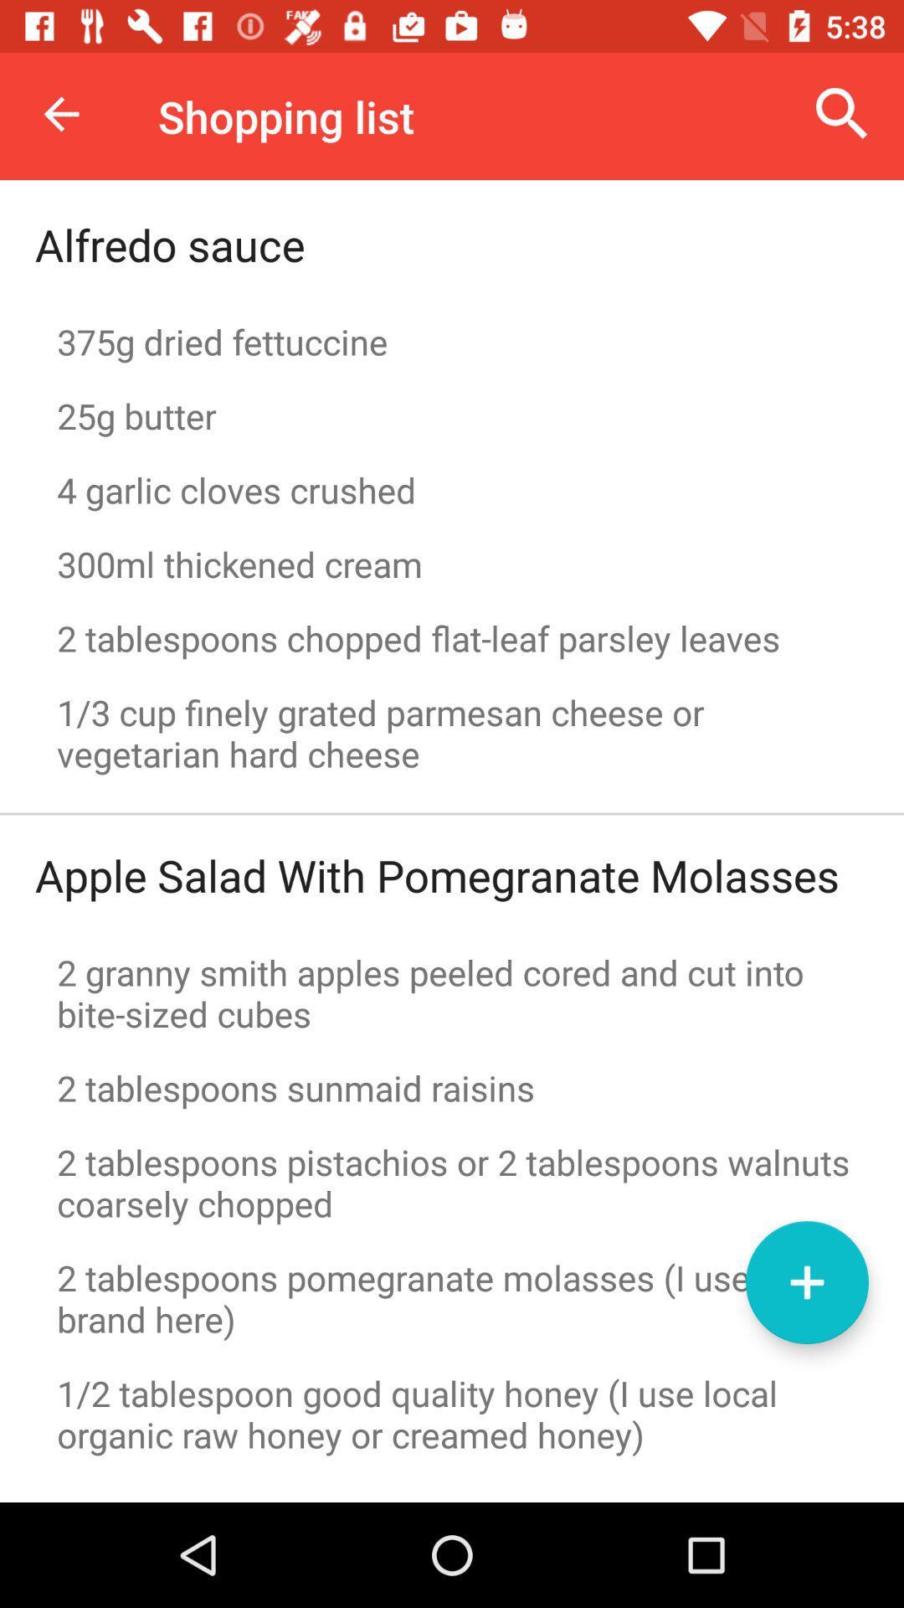 This screenshot has width=904, height=1608. I want to click on the 4 garlic cloves, so click(452, 489).